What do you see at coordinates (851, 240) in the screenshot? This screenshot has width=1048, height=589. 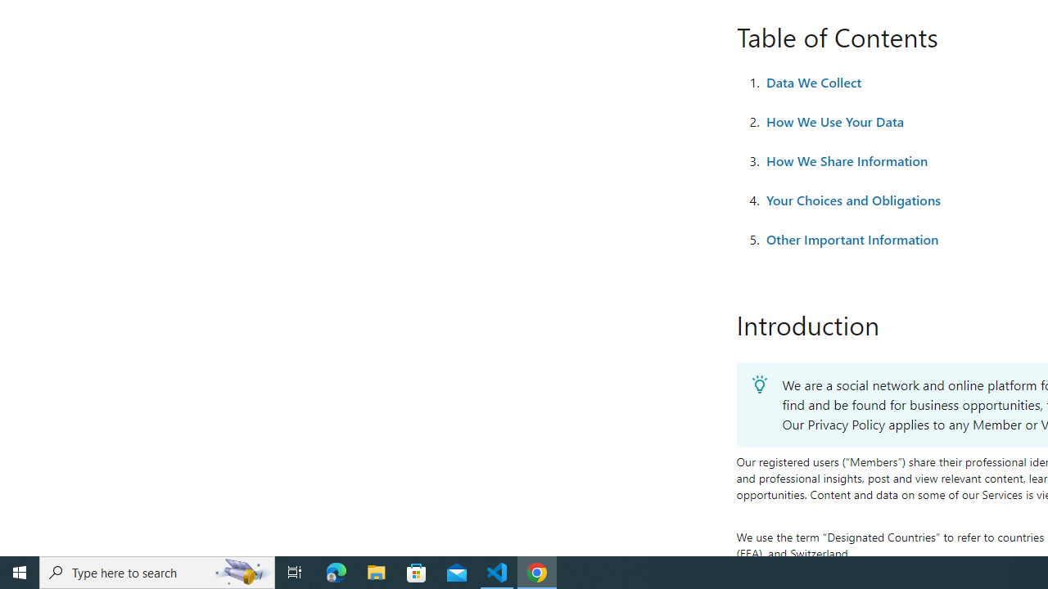 I see `'Other Important Information'` at bounding box center [851, 240].